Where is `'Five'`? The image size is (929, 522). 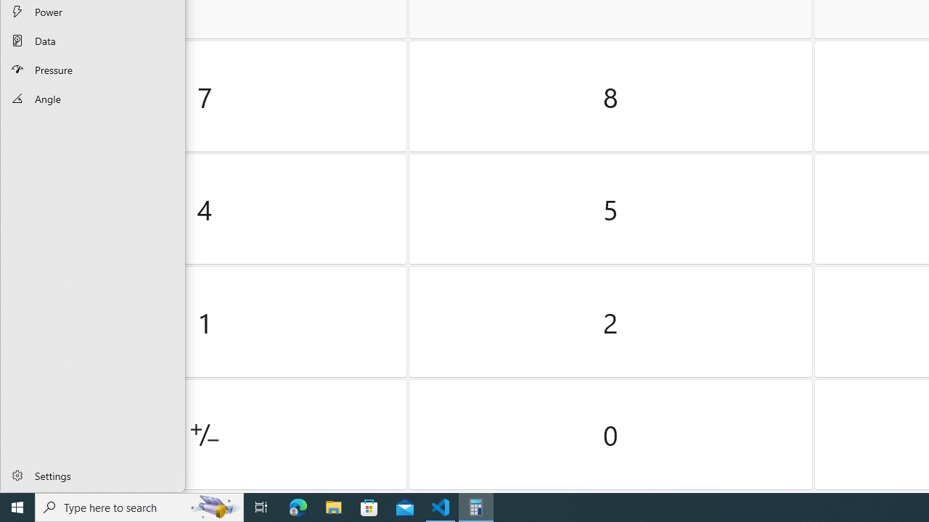
'Five' is located at coordinates (610, 209).